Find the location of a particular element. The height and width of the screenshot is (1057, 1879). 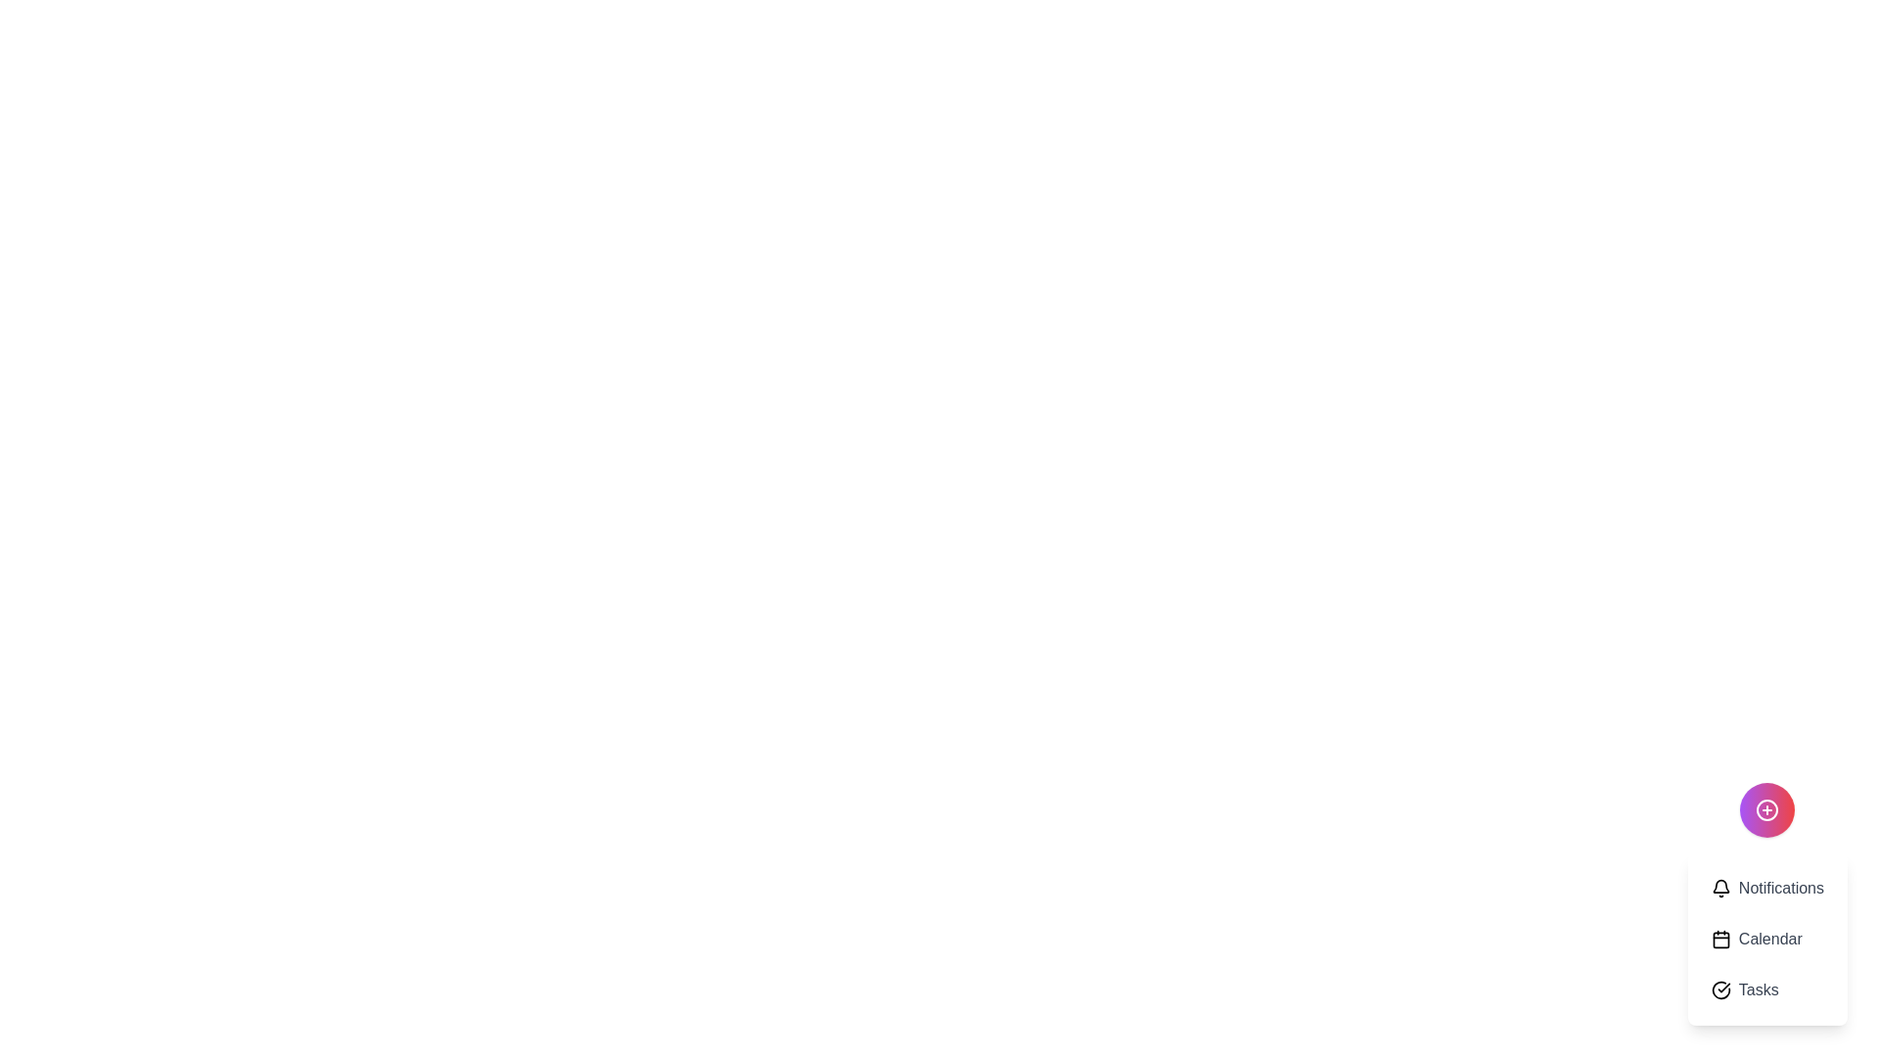

the 'Notifications' menu item is located at coordinates (1767, 888).